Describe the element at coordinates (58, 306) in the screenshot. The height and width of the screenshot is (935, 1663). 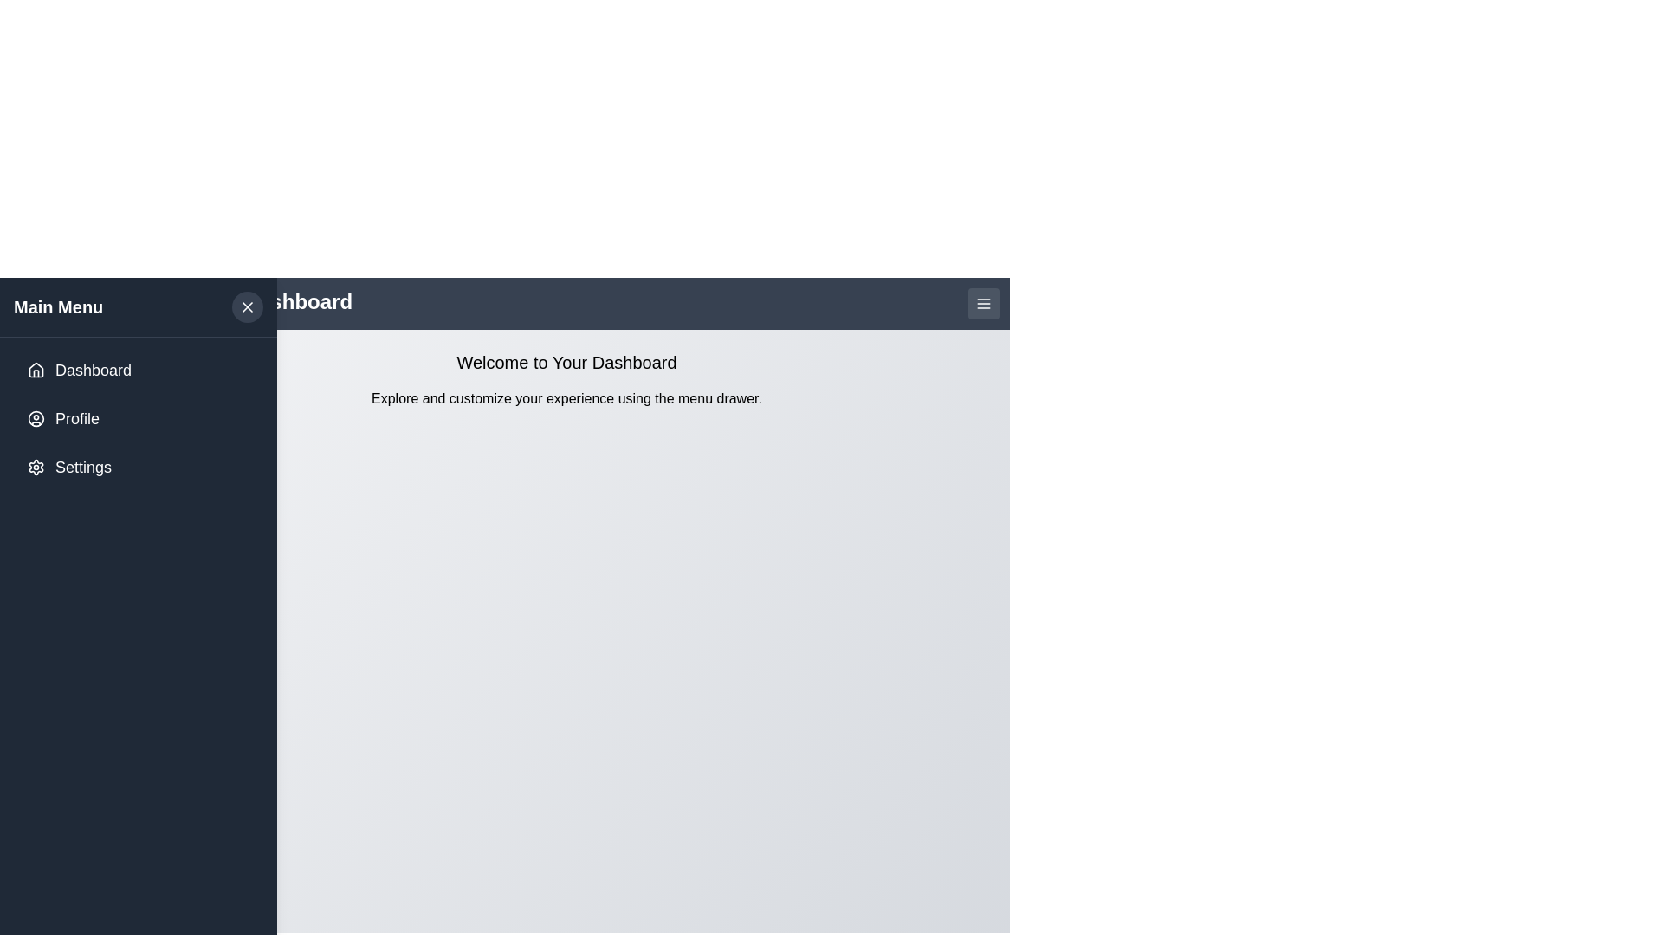
I see `text displayed on the 'Main Menu' label, which is prominently positioned in a dark-colored bar in the upper left corner of the sidebar` at that location.